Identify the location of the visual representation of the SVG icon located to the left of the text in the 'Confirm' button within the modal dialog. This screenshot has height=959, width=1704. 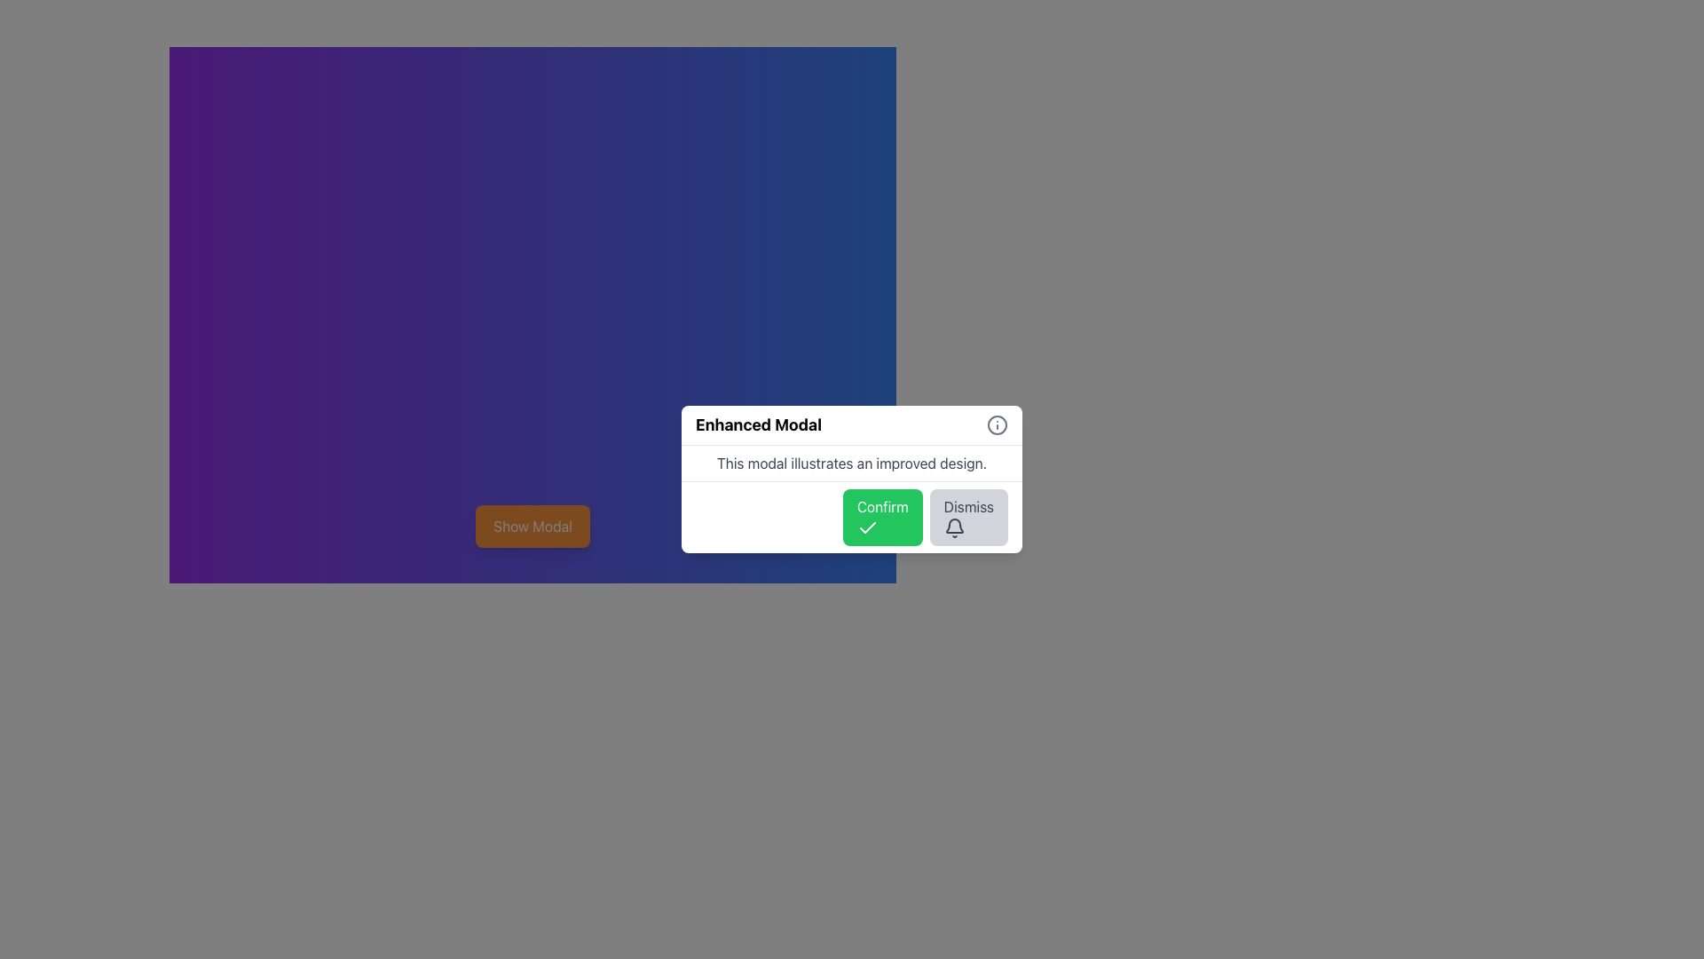
(867, 527).